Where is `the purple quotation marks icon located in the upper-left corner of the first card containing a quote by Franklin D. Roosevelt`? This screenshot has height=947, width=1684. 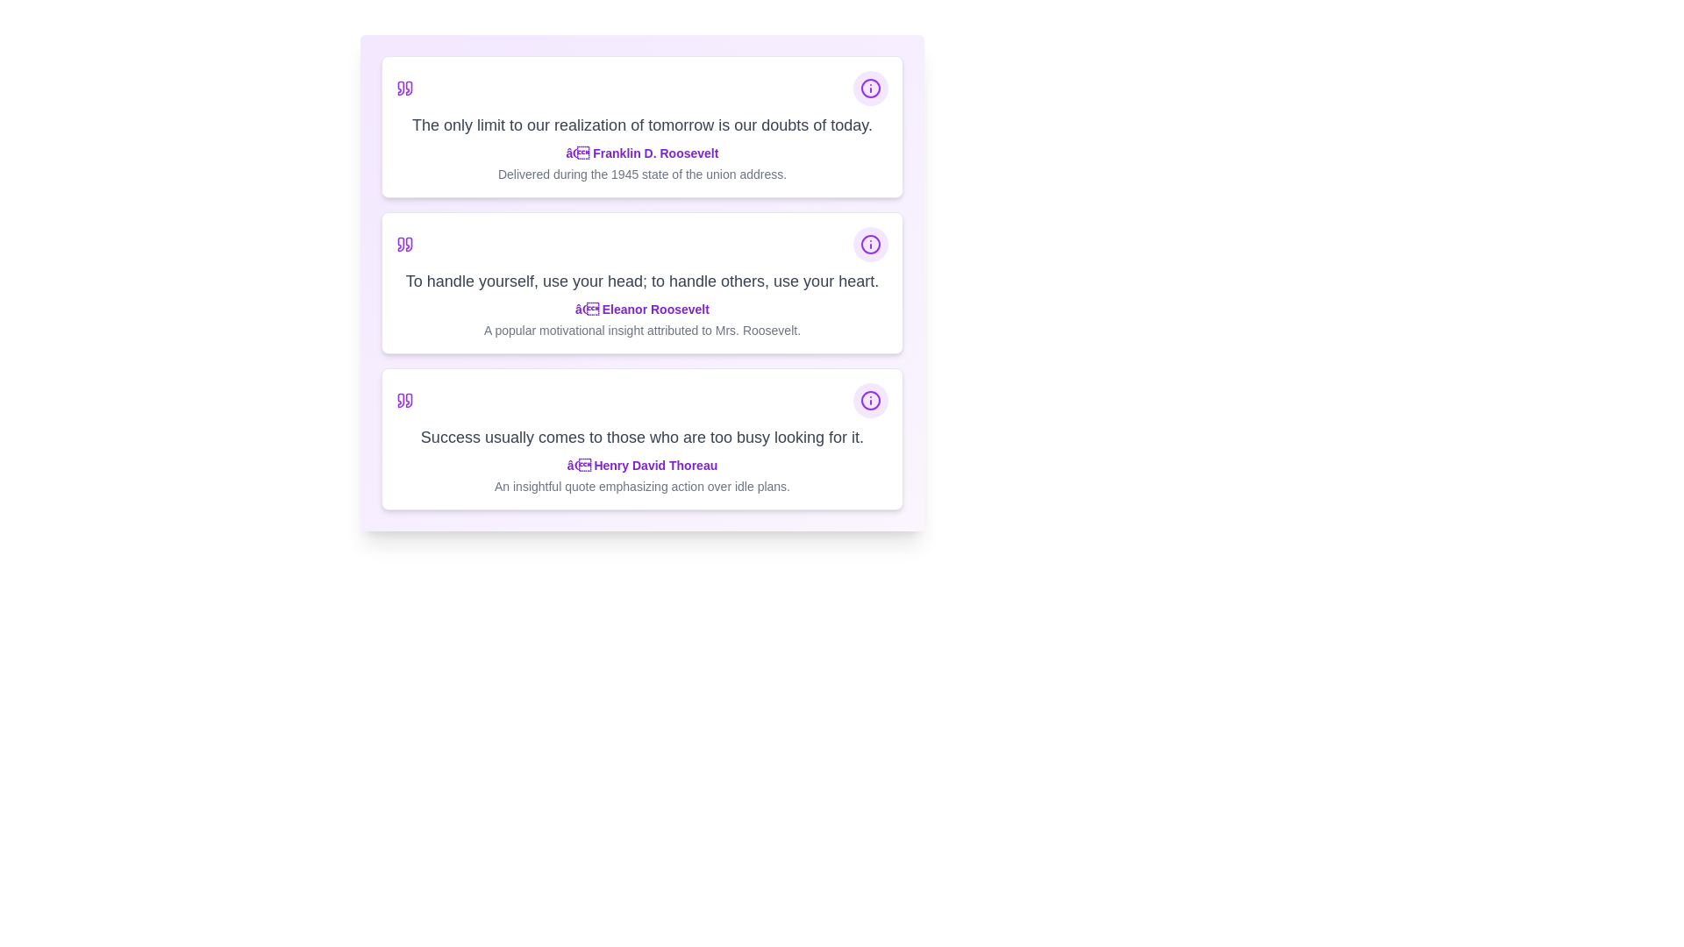
the purple quotation marks icon located in the upper-left corner of the first card containing a quote by Franklin D. Roosevelt is located at coordinates (403, 88).